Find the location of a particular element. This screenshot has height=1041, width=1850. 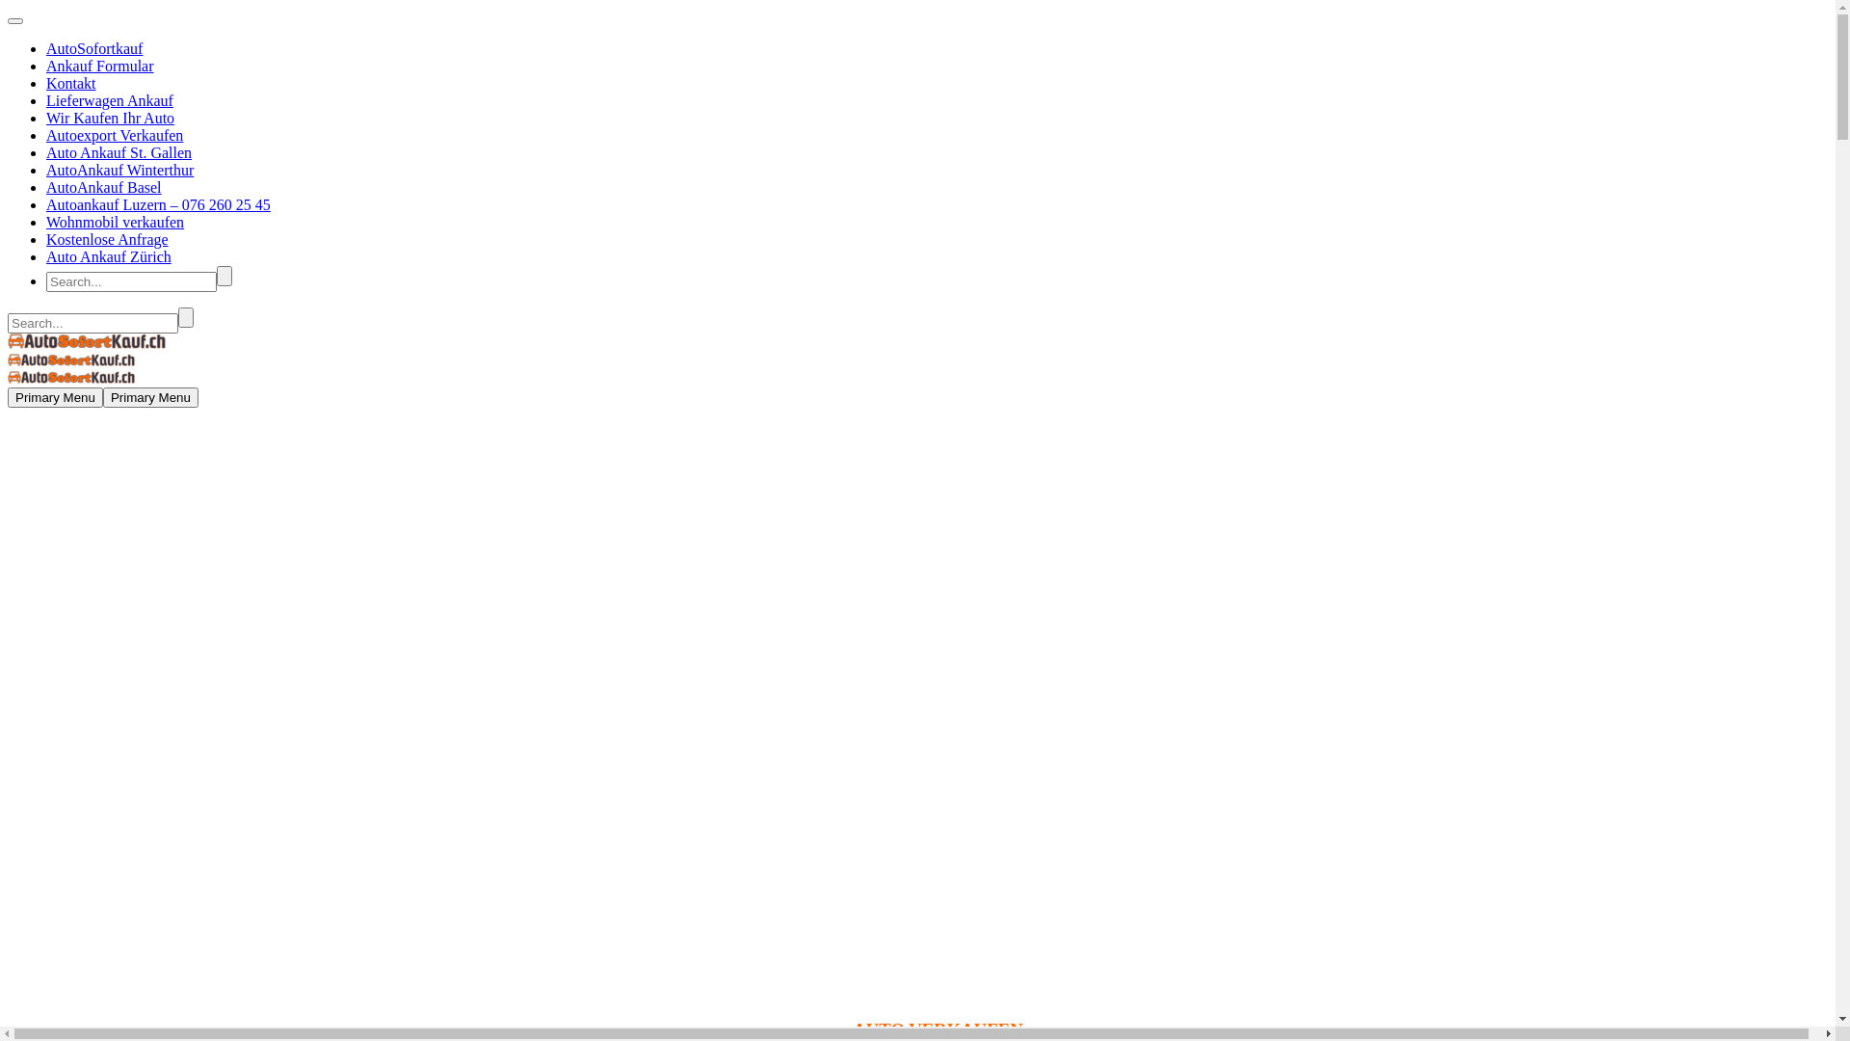

'Autoexport Verkaufen' is located at coordinates (114, 134).